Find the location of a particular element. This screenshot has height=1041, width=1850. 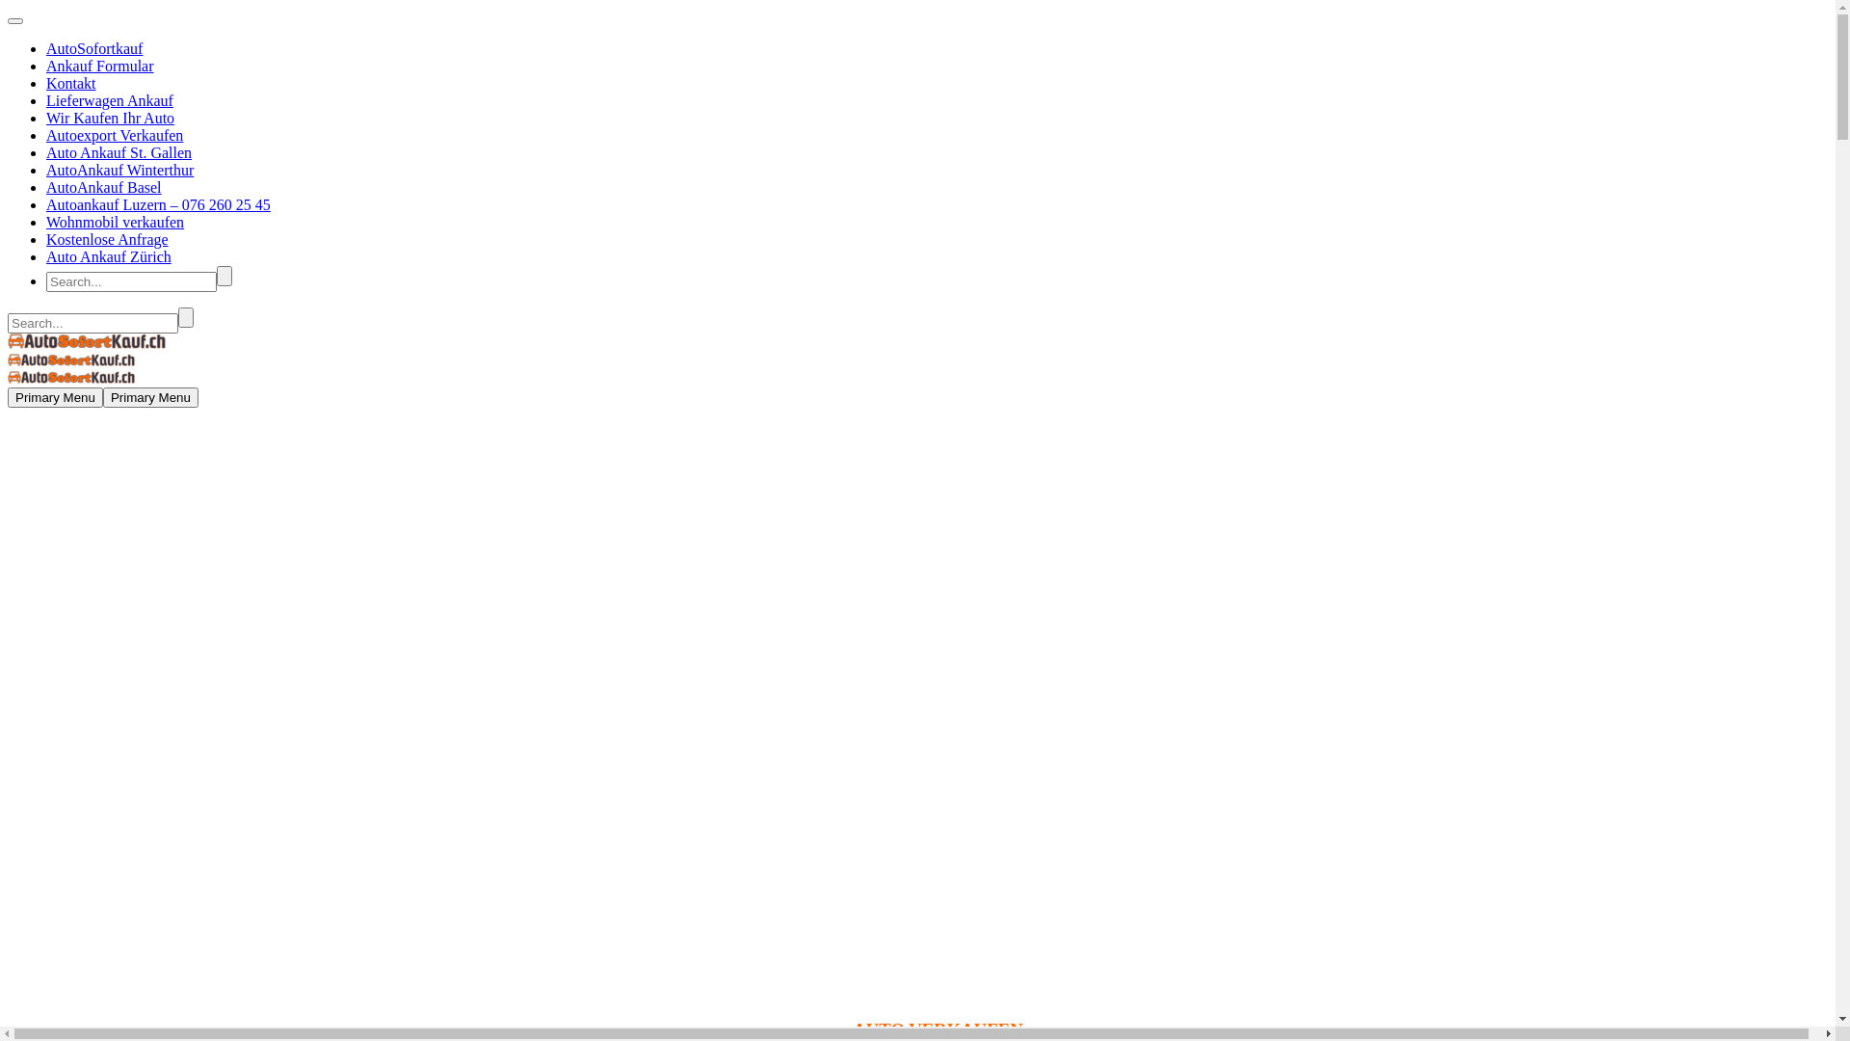

'Autoexport Verkaufen' is located at coordinates (114, 134).